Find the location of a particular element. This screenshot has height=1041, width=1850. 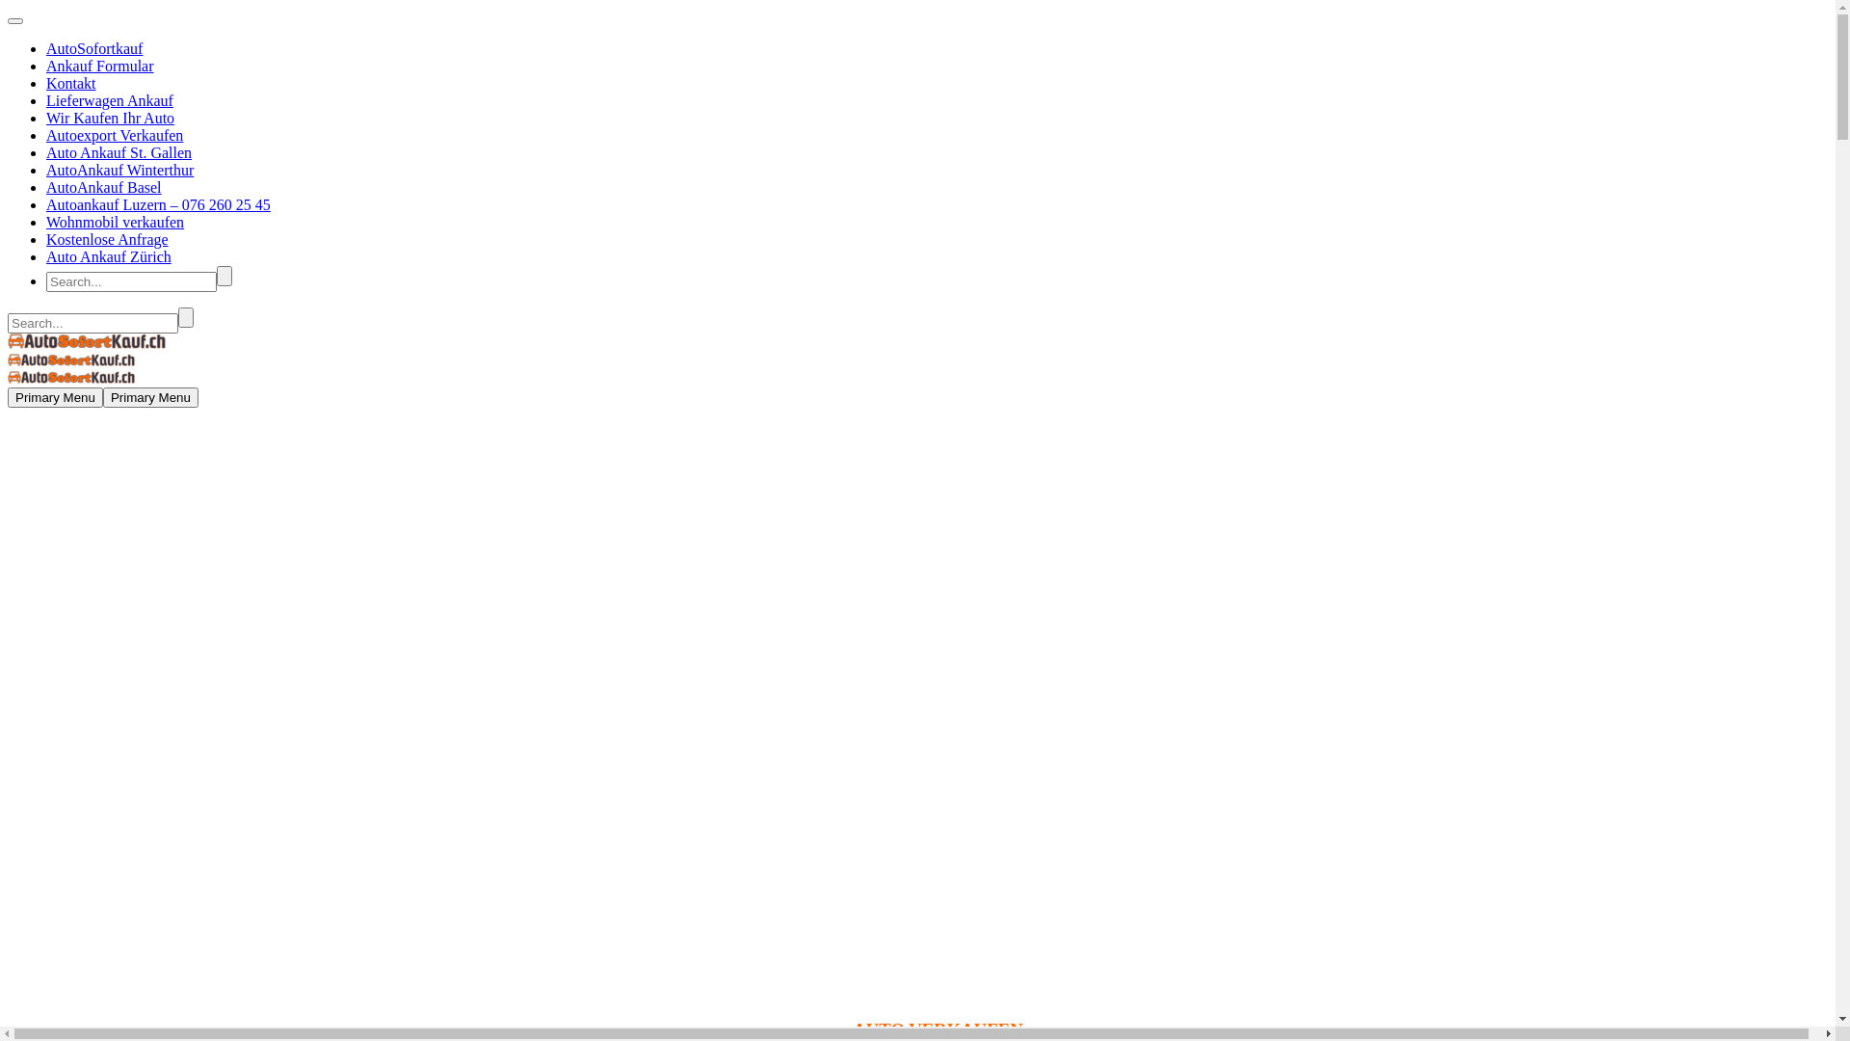

'Autoexport Verkaufen' is located at coordinates (114, 134).